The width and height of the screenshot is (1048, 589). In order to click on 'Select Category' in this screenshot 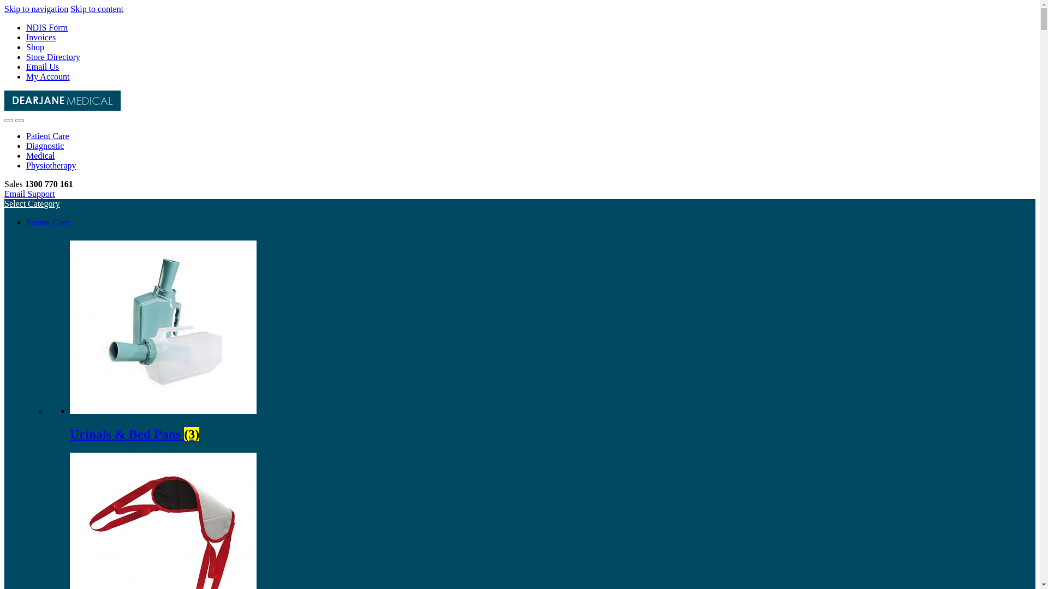, I will do `click(32, 203)`.